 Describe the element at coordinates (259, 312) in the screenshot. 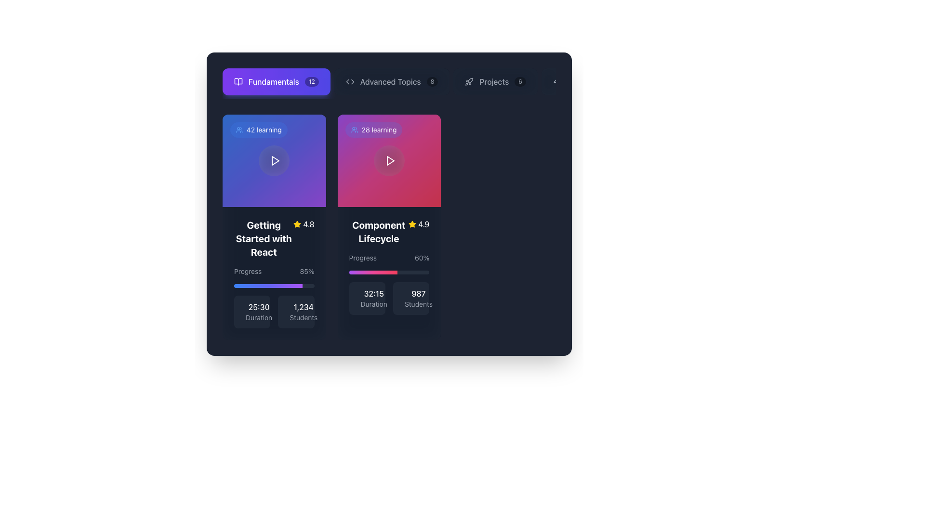

I see `the static text display indicating the duration of the associated content, located at the bottom-left corner of the card` at that location.